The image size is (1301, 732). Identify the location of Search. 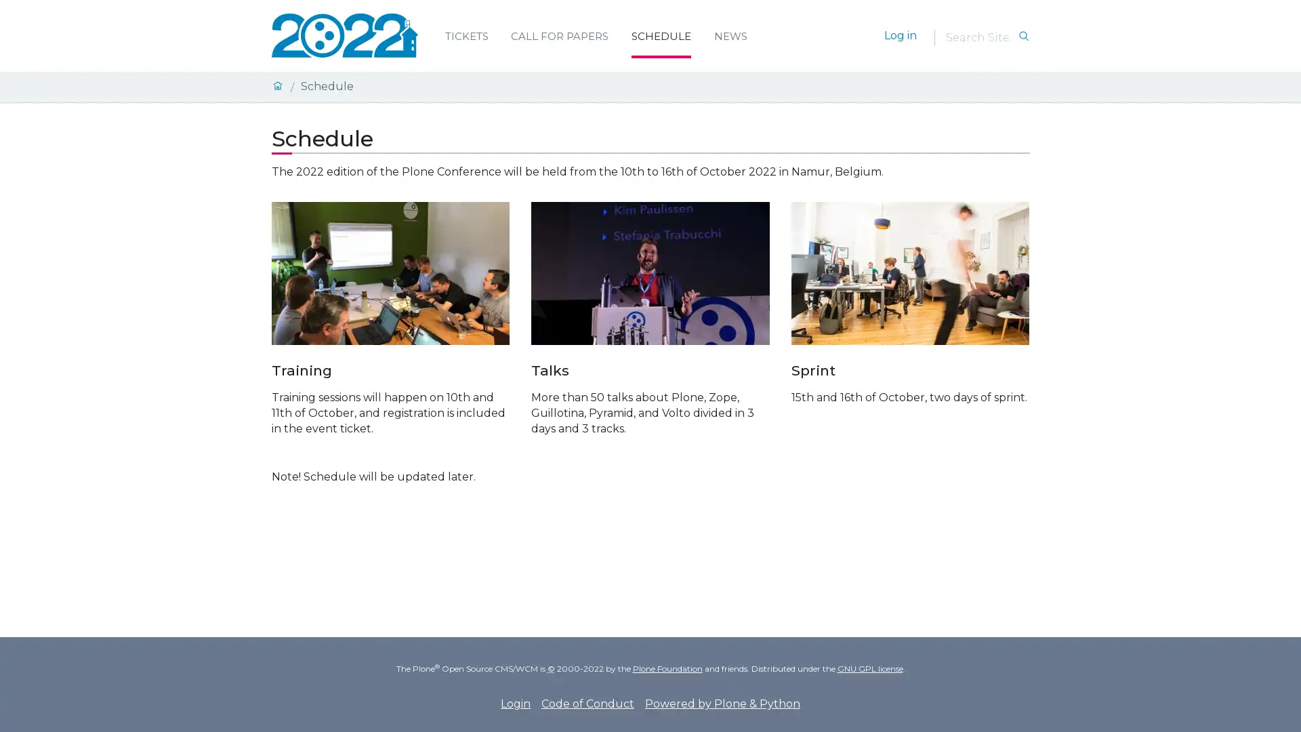
(1023, 36).